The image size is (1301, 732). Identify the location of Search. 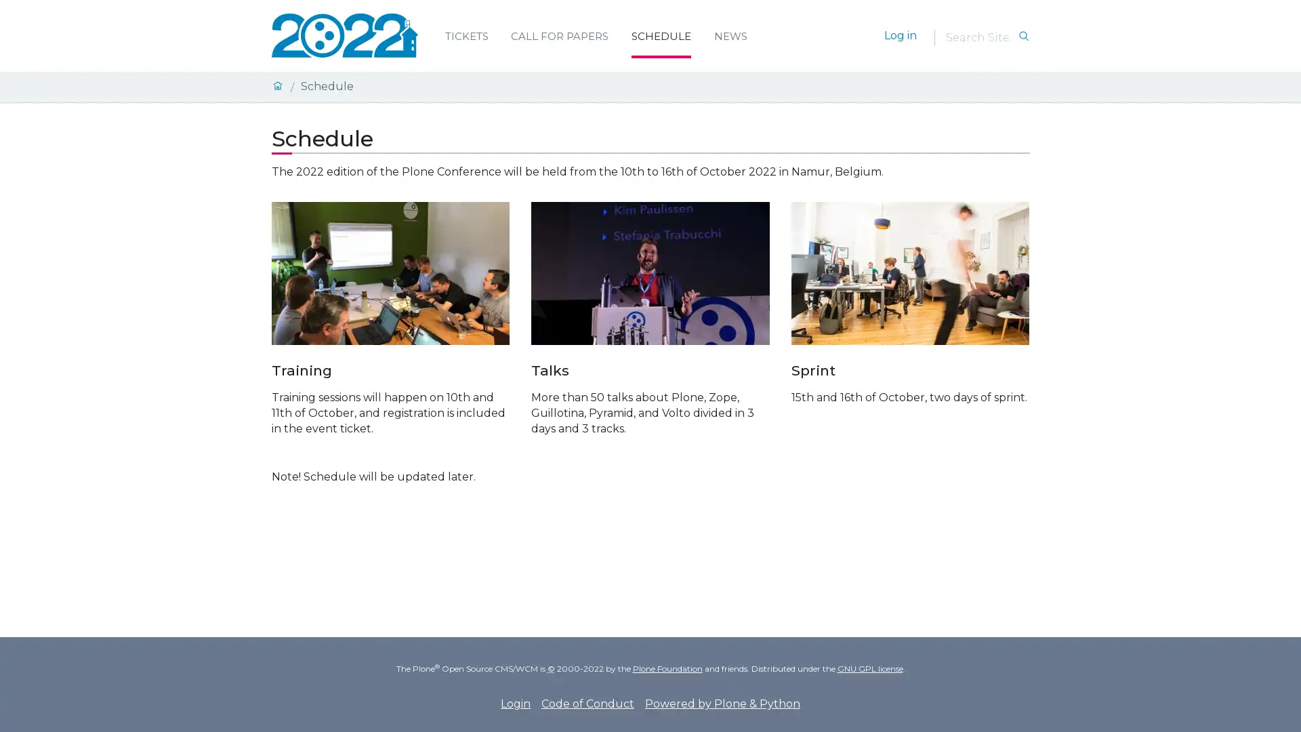
(1023, 36).